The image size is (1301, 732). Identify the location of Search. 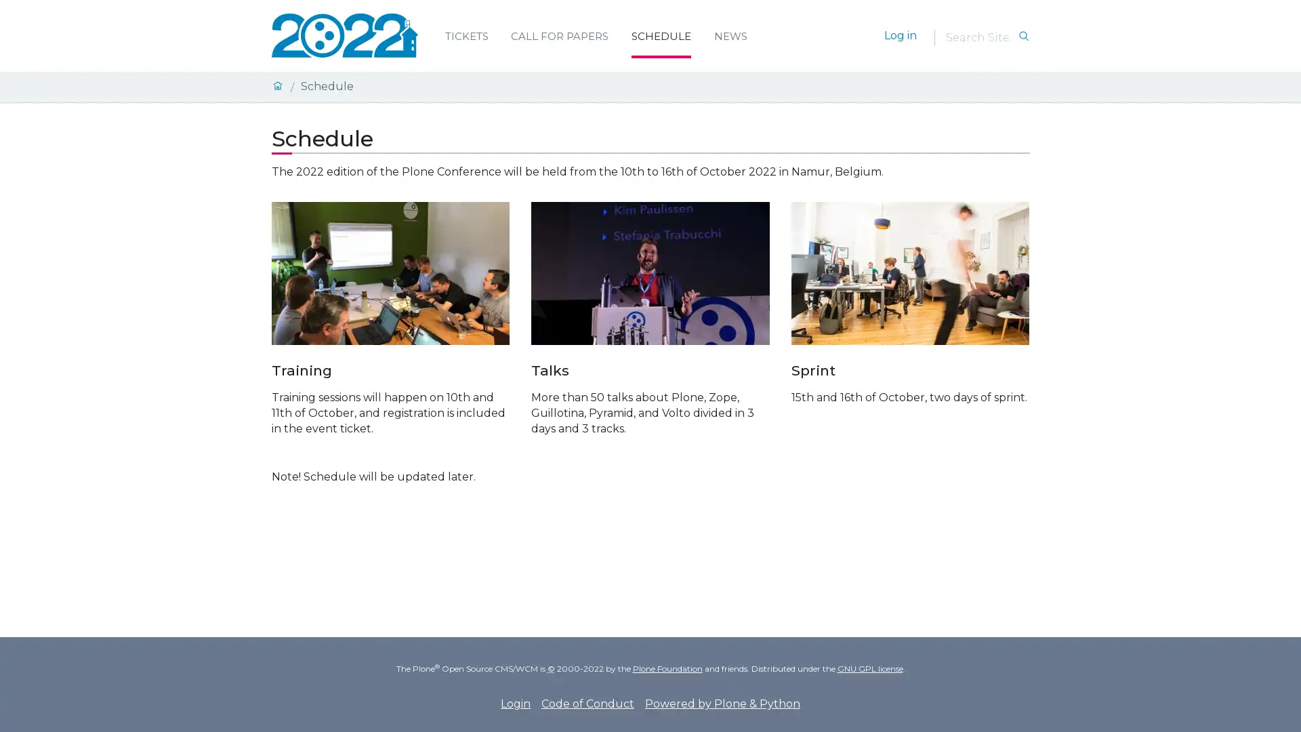
(1023, 36).